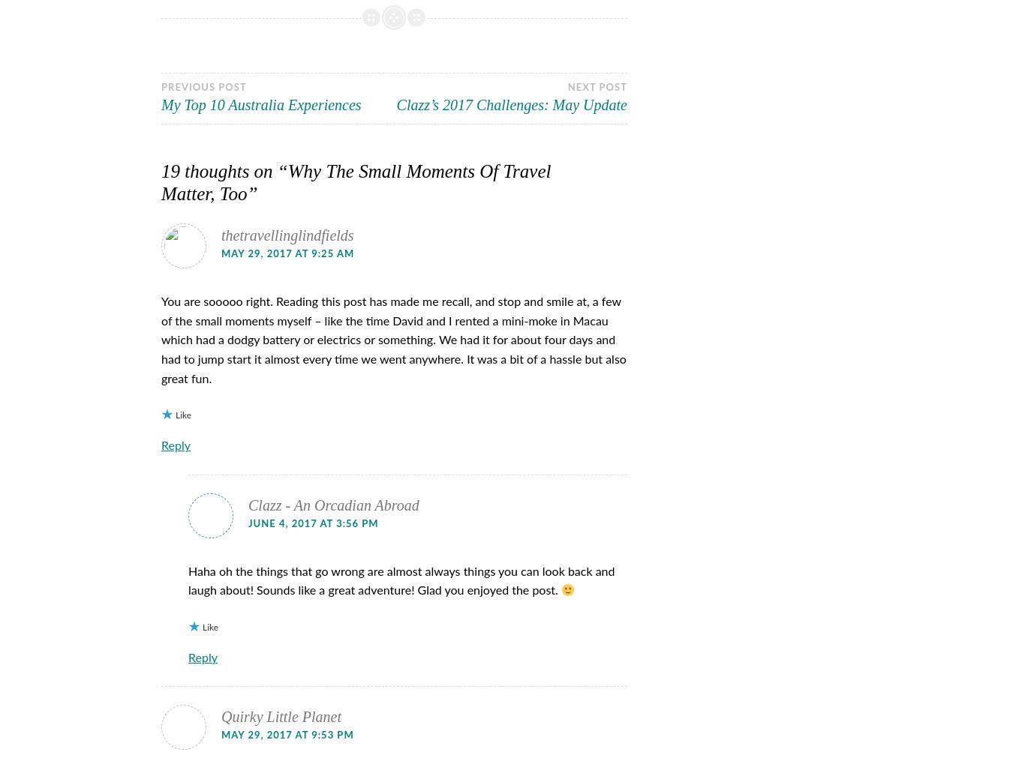 The height and width of the screenshot is (773, 1013). What do you see at coordinates (313, 523) in the screenshot?
I see `'June 4, 2017 at 3:56 pm'` at bounding box center [313, 523].